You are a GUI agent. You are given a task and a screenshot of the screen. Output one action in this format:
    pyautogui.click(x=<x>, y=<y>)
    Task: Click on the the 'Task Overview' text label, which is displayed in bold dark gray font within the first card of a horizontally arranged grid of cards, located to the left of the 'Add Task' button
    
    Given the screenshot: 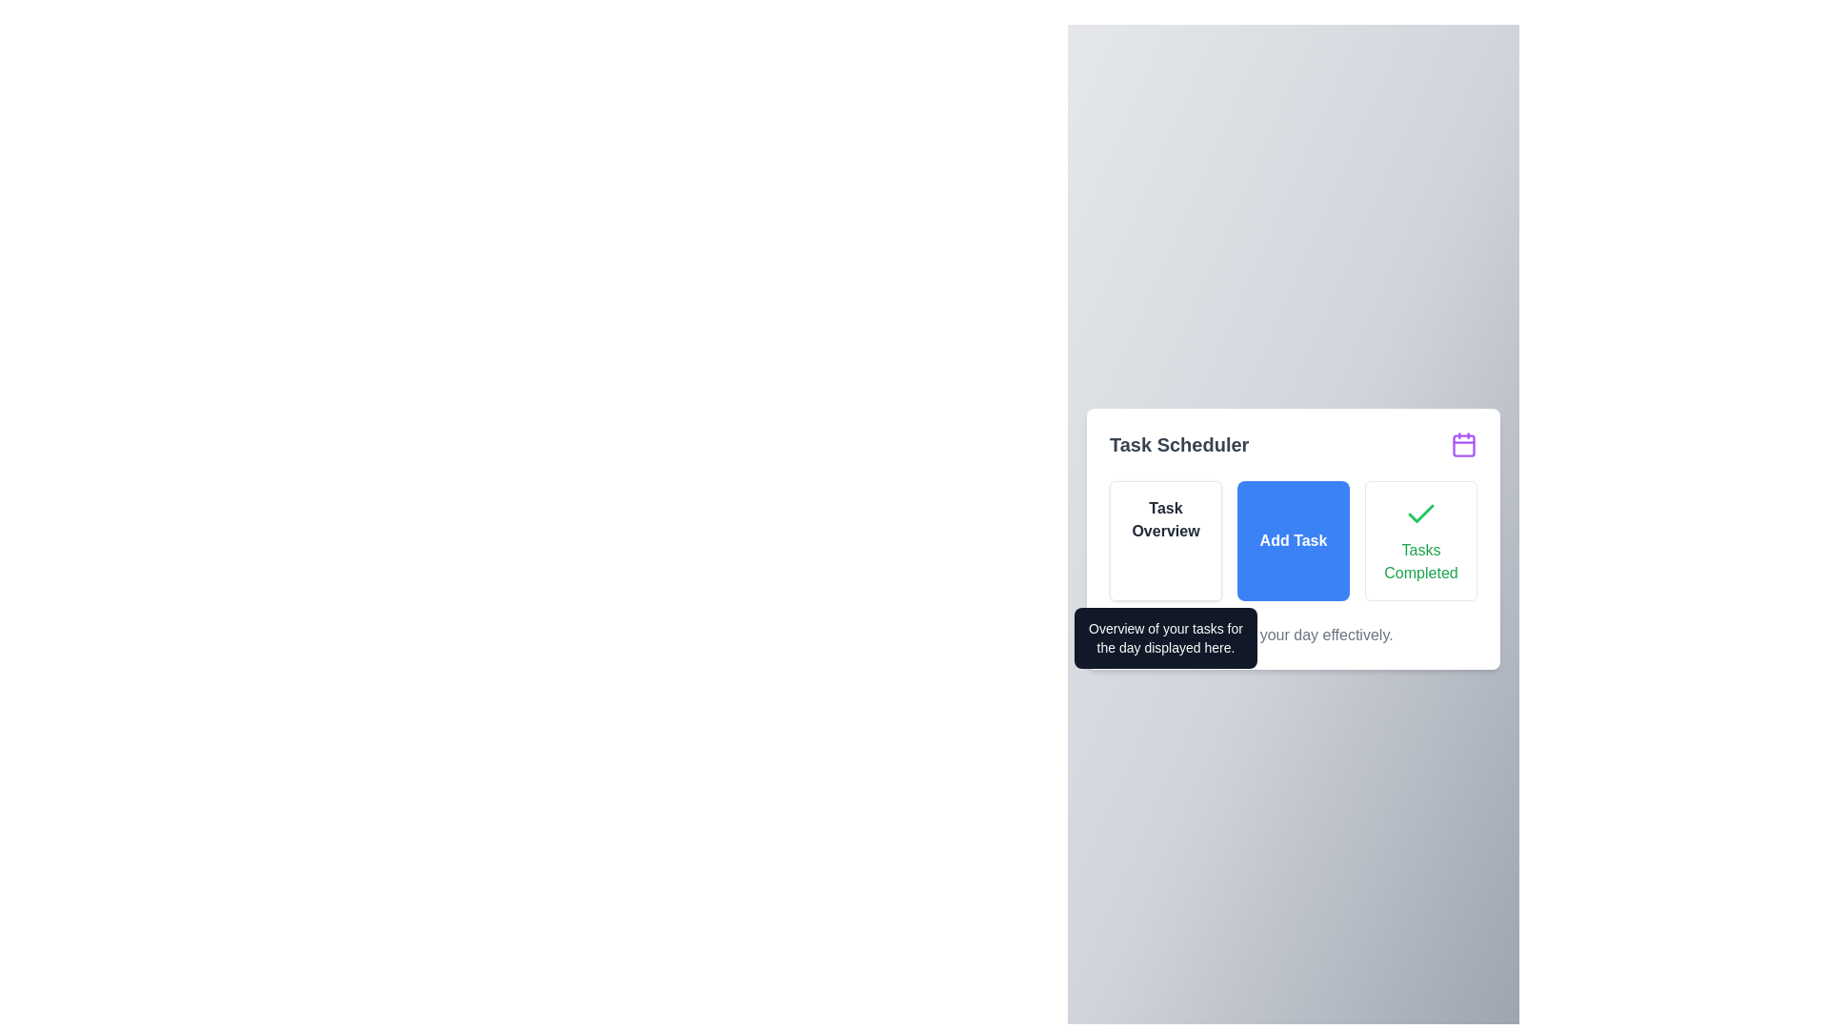 What is the action you would take?
    pyautogui.click(x=1165, y=519)
    